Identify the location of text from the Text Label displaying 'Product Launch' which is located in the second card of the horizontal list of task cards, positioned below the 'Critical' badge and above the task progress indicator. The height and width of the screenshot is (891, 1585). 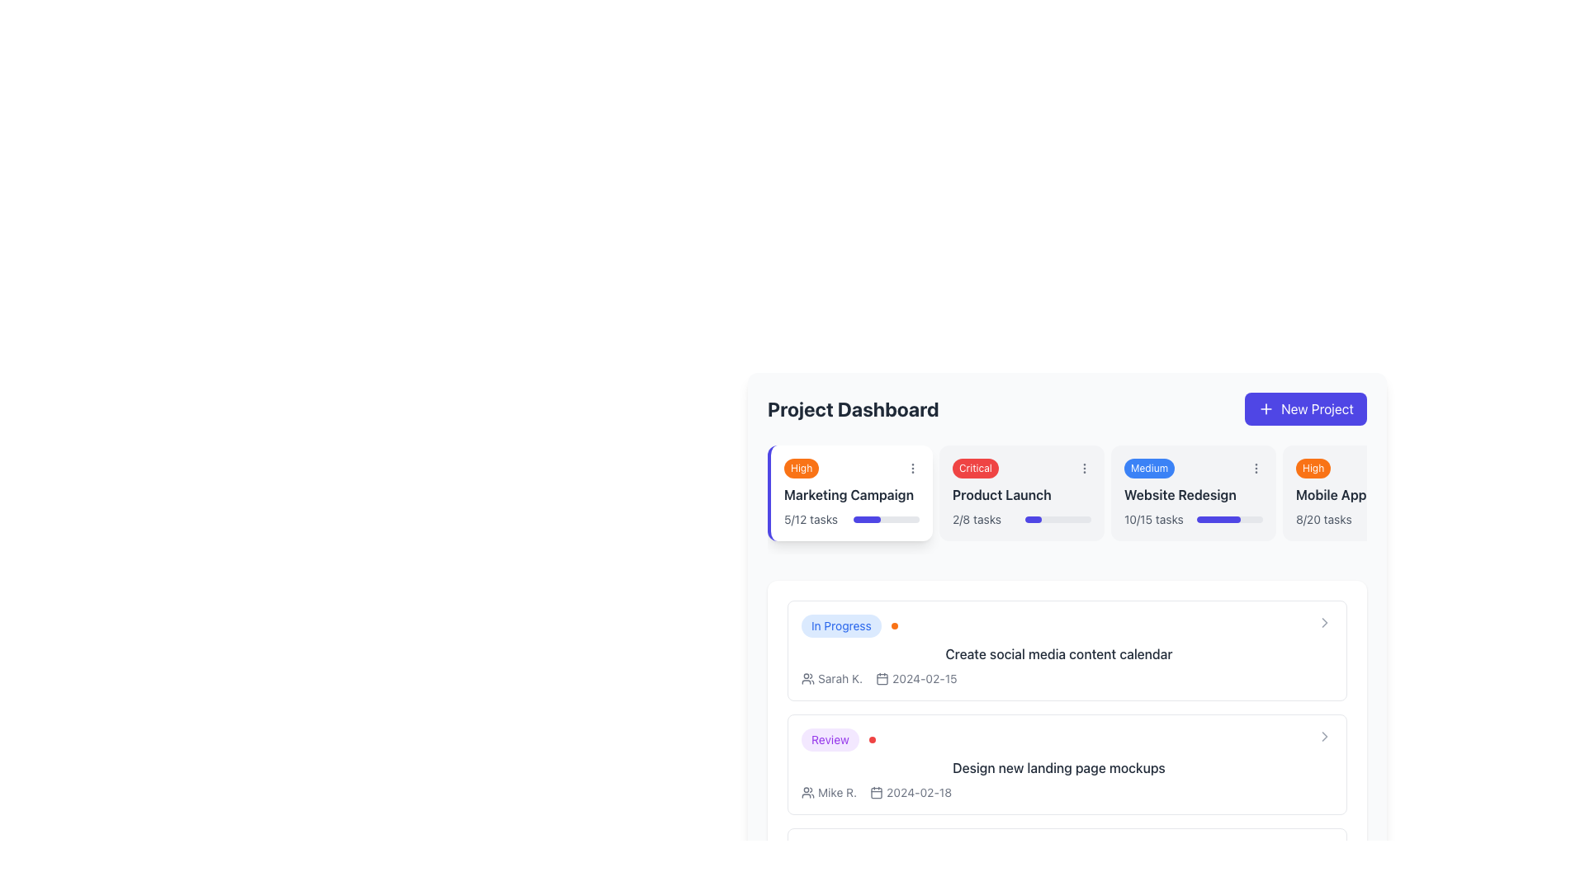
(1021, 494).